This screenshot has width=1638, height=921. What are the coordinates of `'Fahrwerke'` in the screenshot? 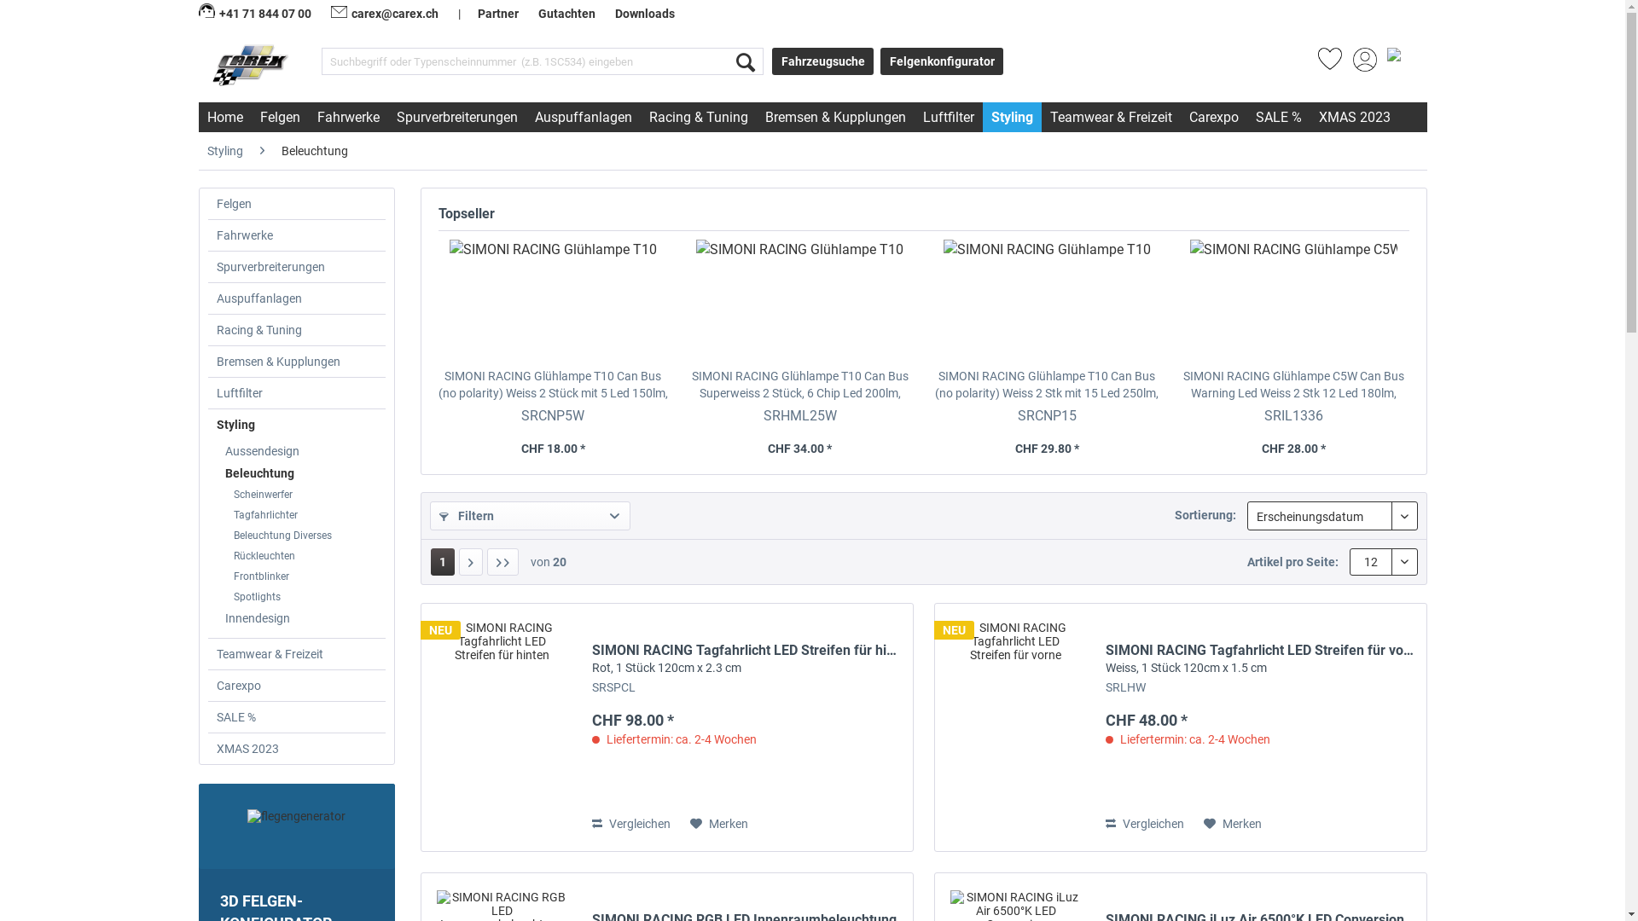 It's located at (296, 235).